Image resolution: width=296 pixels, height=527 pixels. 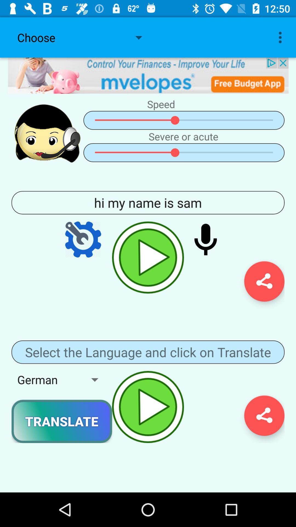 I want to click on share the article, so click(x=264, y=281).